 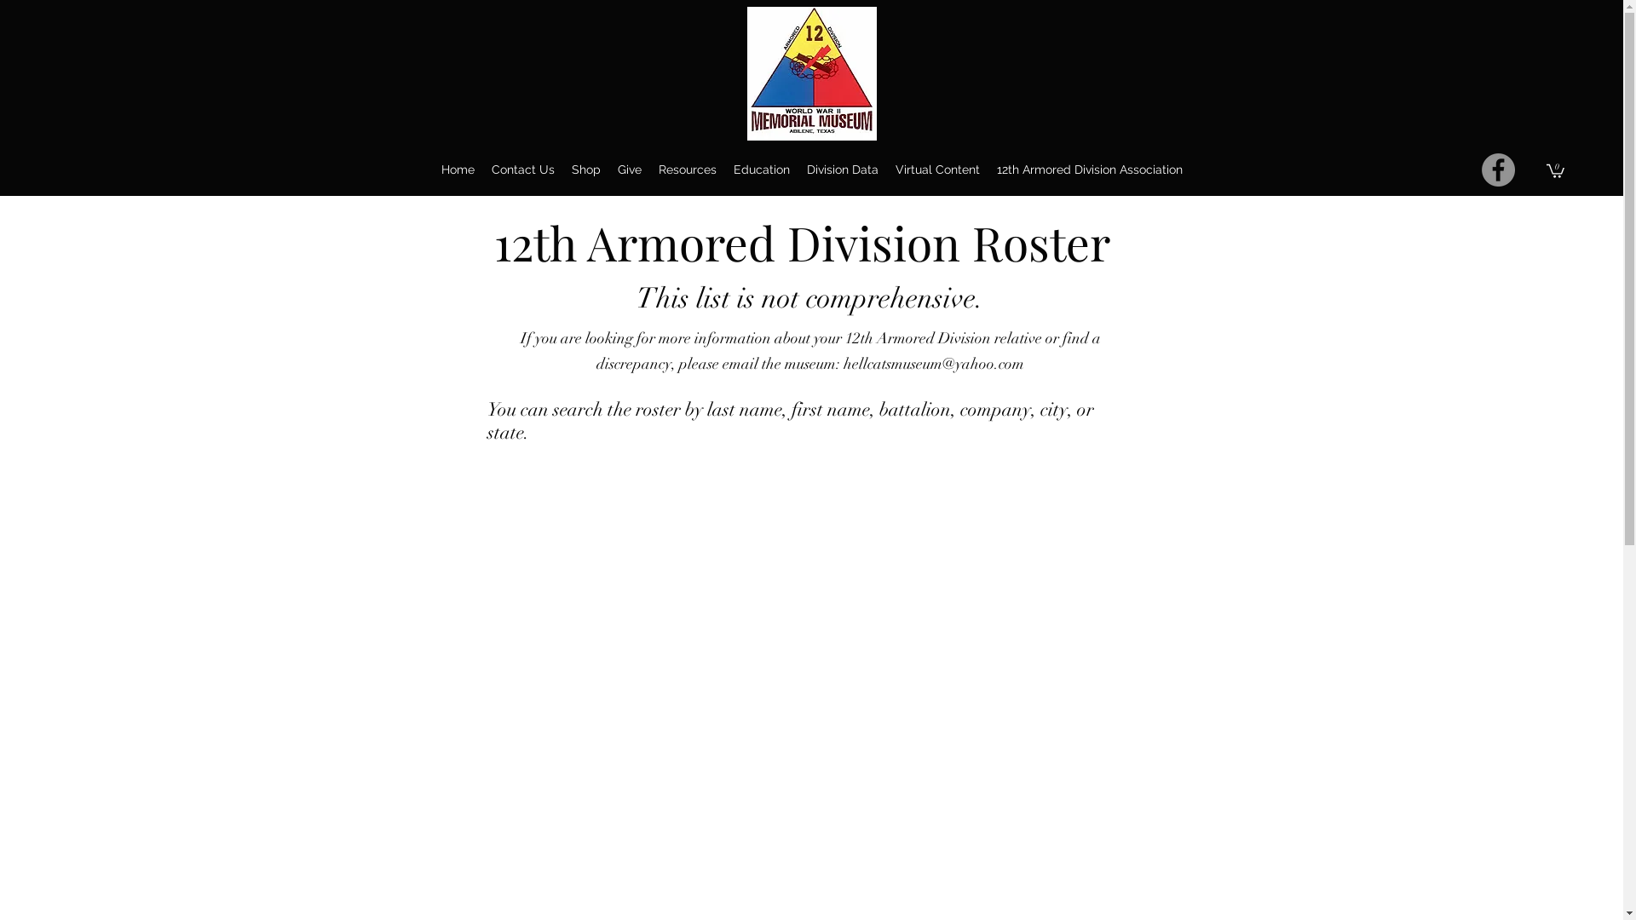 I want to click on 'Virtual Content', so click(x=886, y=170).